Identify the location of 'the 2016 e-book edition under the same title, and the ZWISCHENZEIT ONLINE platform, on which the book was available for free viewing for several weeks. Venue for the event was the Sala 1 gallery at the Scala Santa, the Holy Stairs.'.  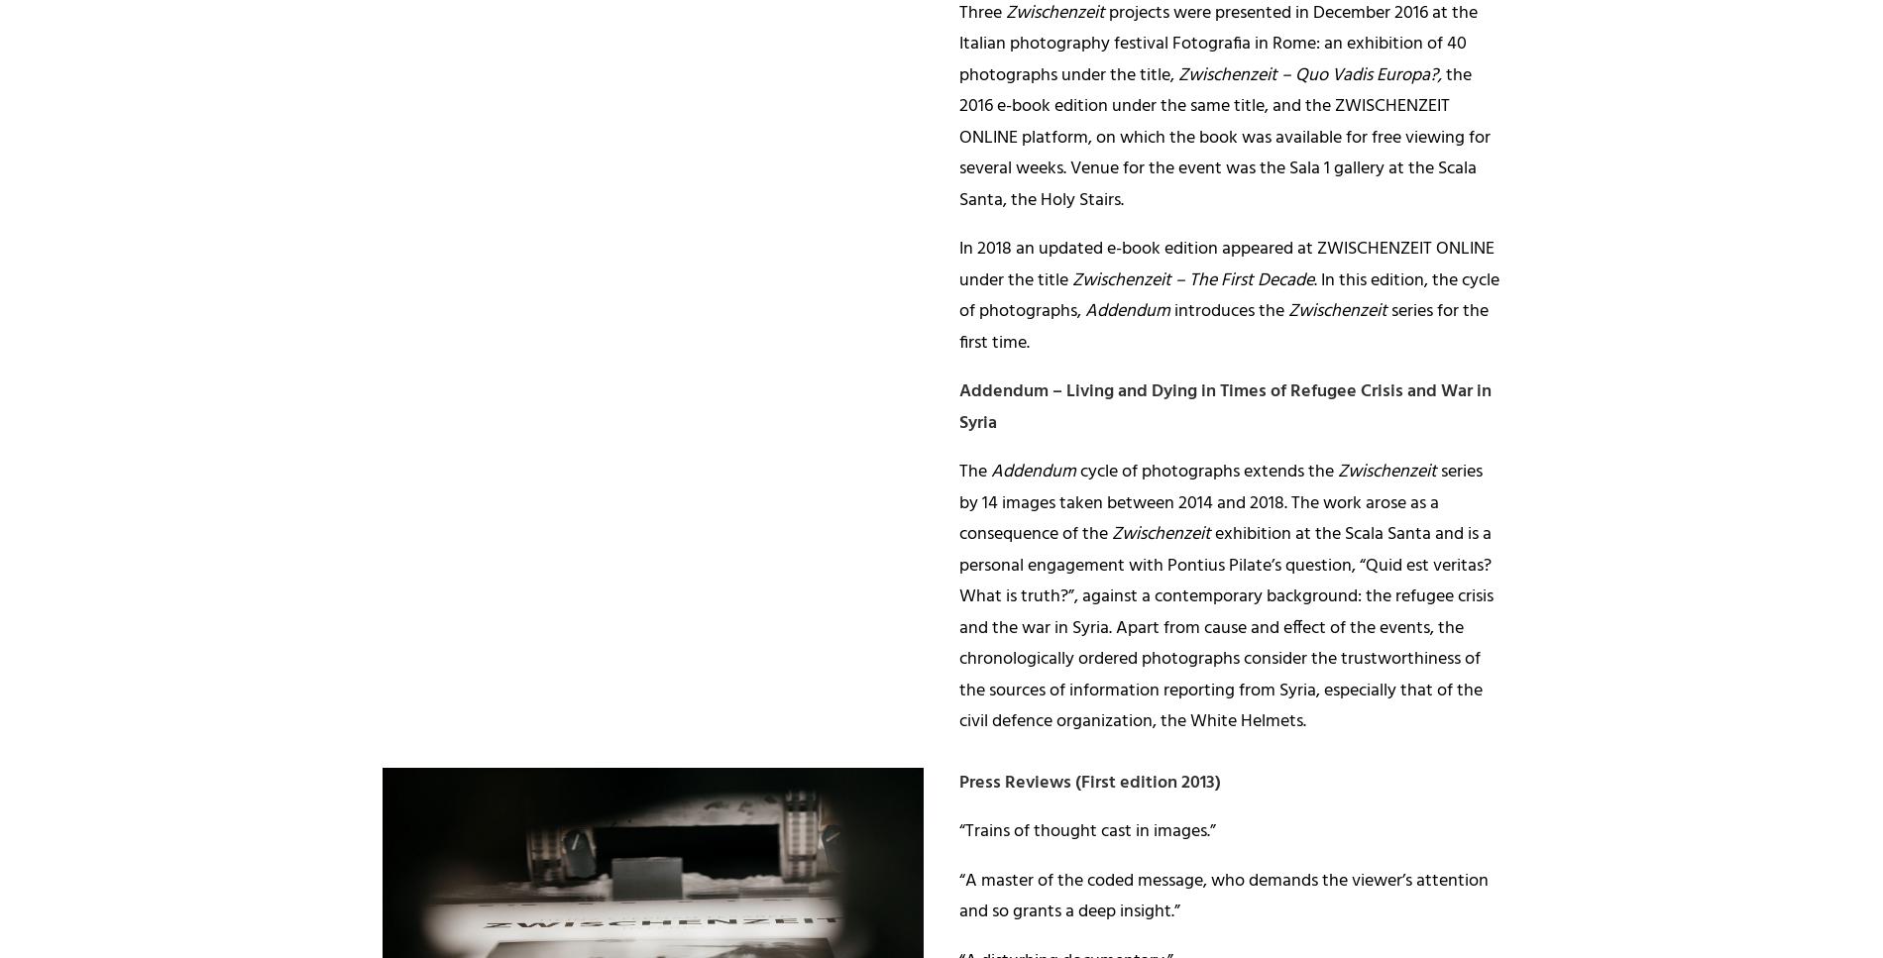
(959, 136).